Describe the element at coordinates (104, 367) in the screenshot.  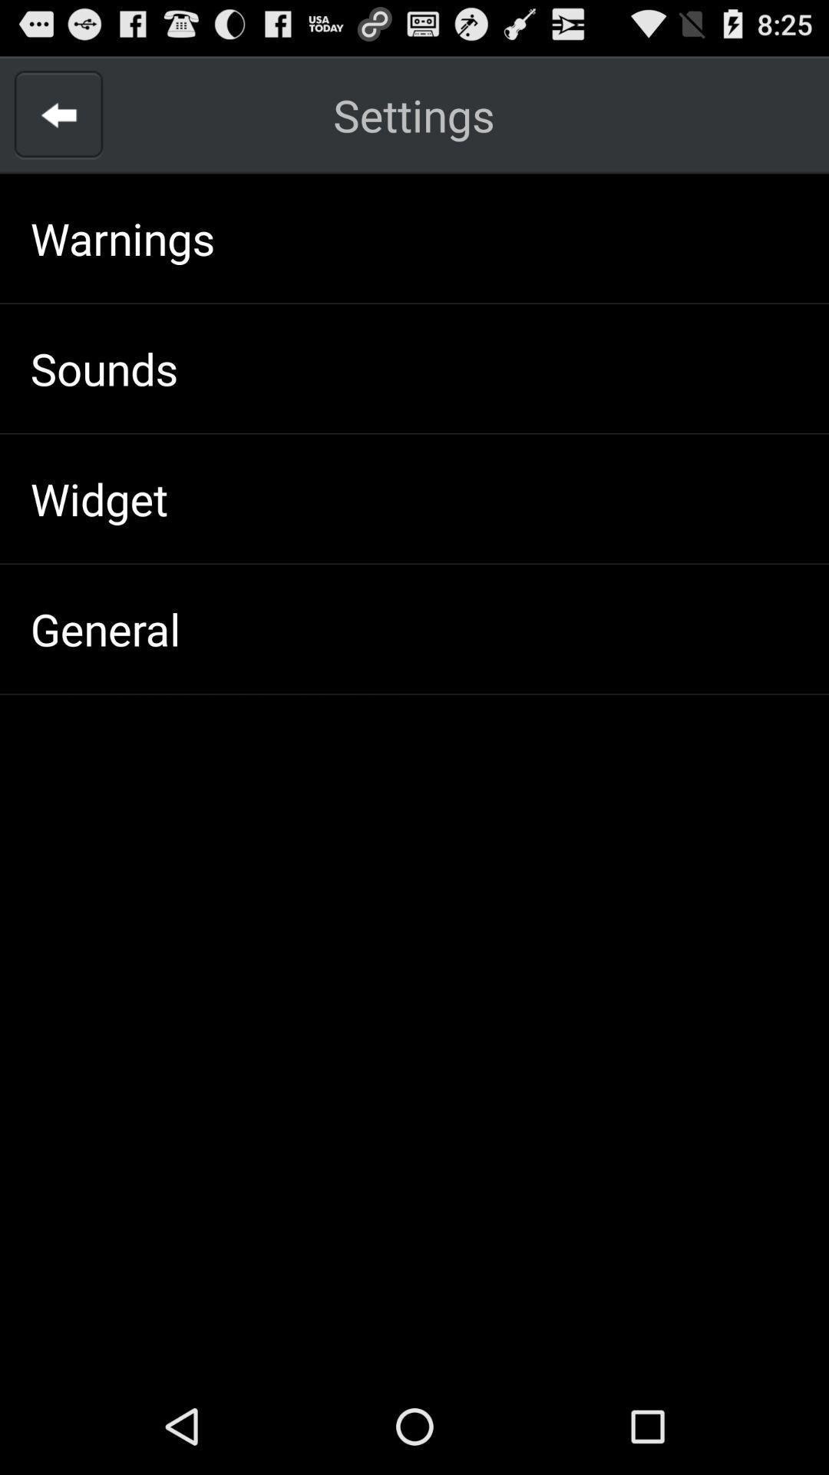
I see `icon below warnings app` at that location.